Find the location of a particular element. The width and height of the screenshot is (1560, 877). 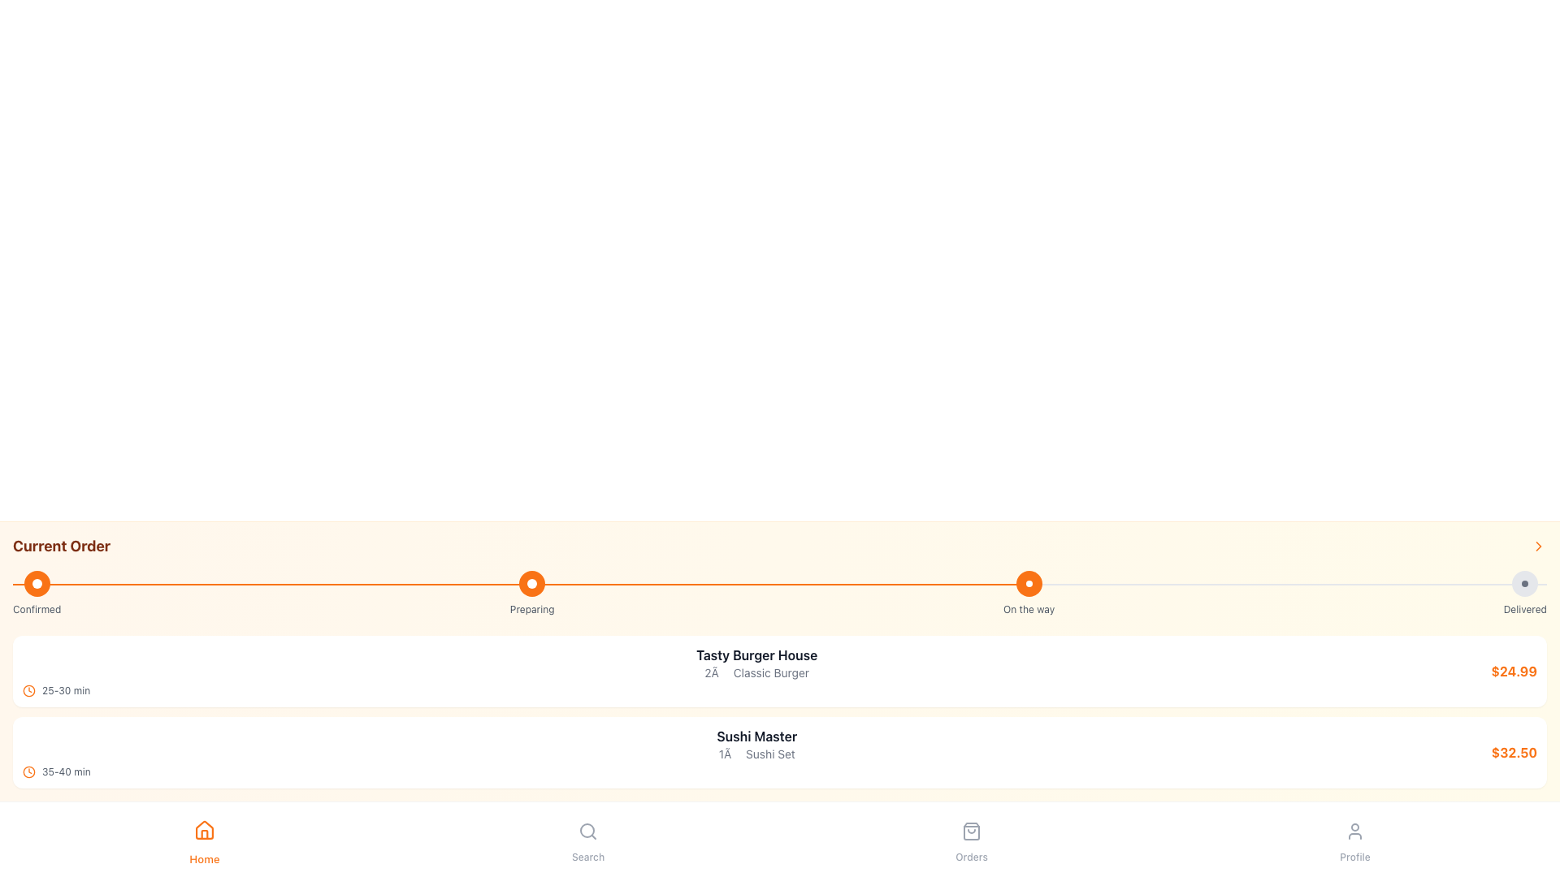

visual representation of the completed portion of the progress bar segment, which indicates the current progress in a linear process is located at coordinates (524, 585).